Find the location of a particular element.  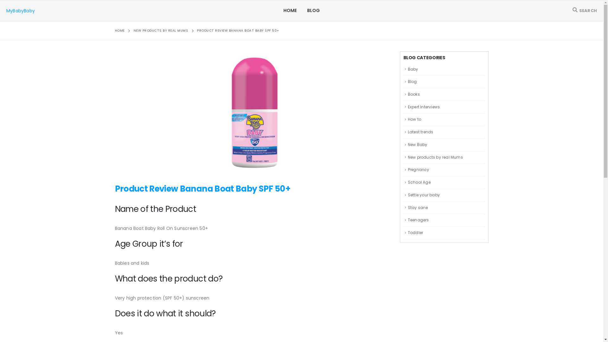

'Latest trends' is located at coordinates (421, 131).